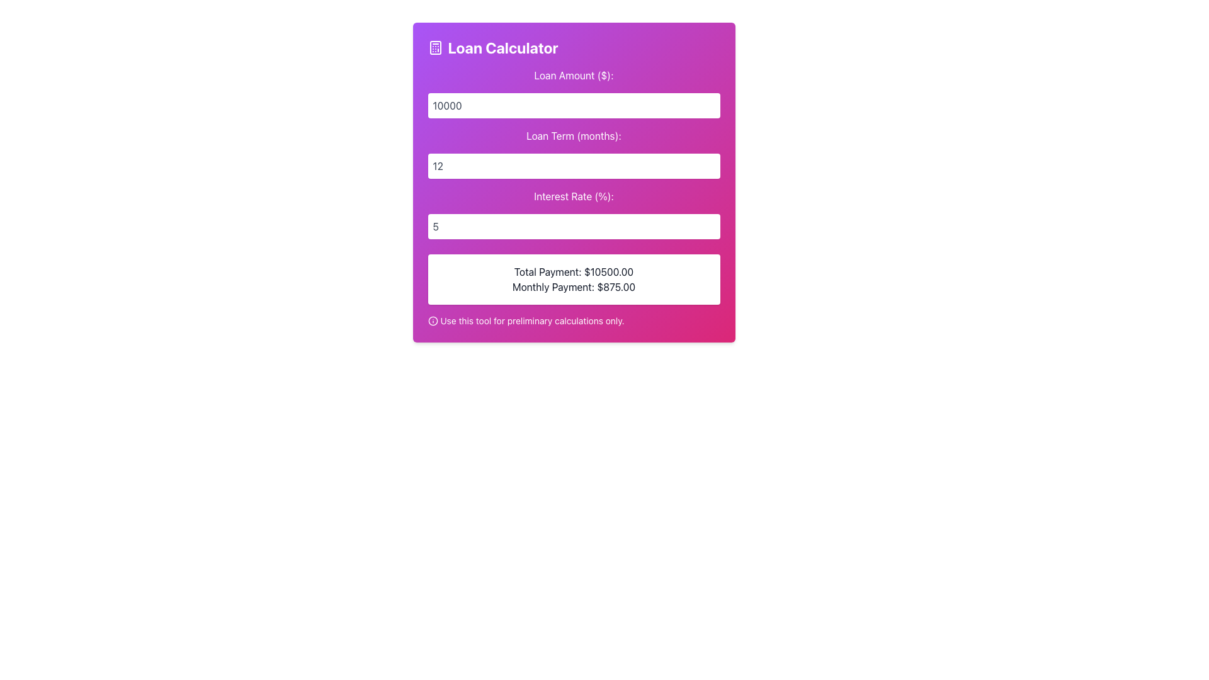 This screenshot has width=1209, height=680. What do you see at coordinates (435, 47) in the screenshot?
I see `the decorative loan calculator icon located to the left of the 'Loan Calculator' heading text at the top of the card` at bounding box center [435, 47].